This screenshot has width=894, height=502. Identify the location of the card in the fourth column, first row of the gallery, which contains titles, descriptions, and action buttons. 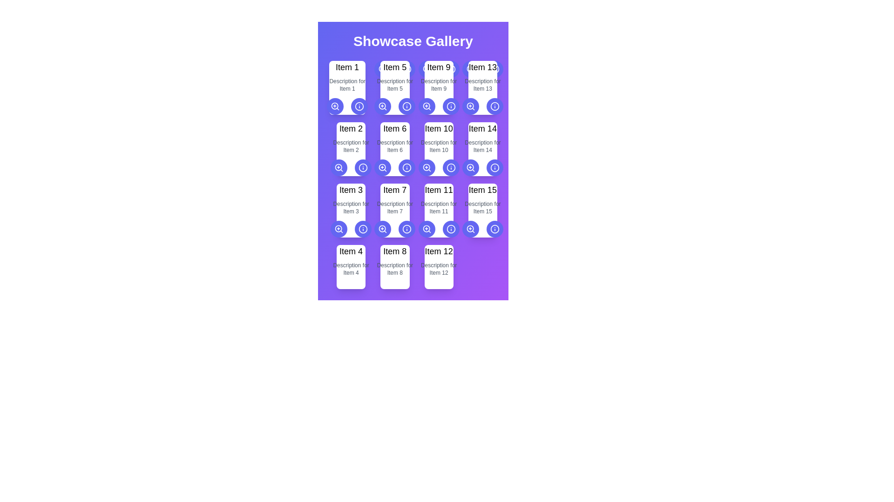
(482, 88).